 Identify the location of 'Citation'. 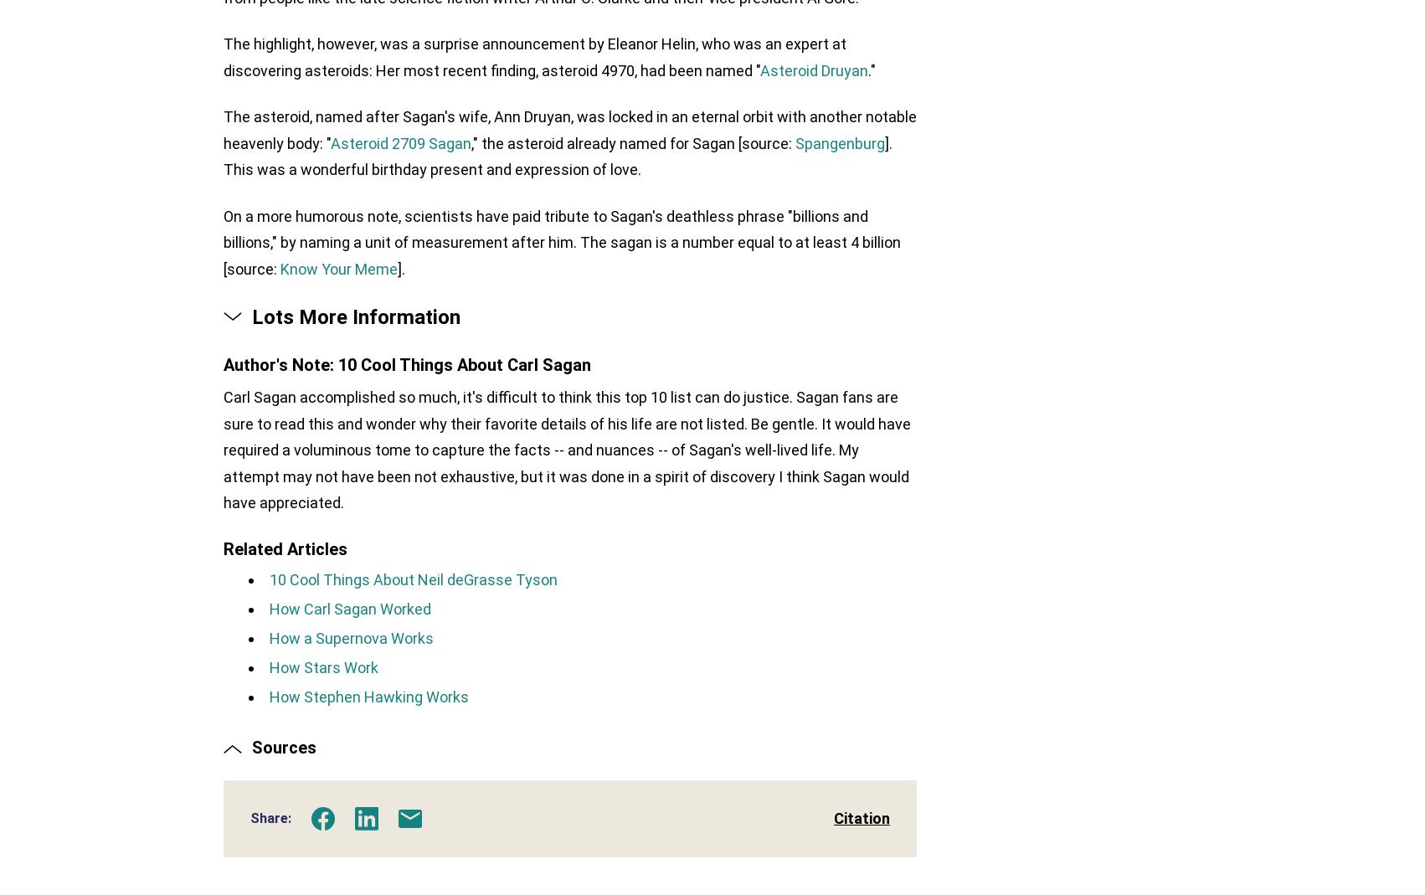
(833, 821).